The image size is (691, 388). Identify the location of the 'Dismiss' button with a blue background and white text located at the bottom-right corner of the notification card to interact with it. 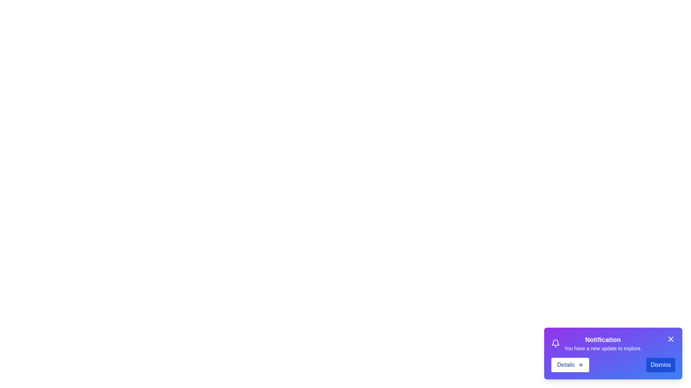
(661, 365).